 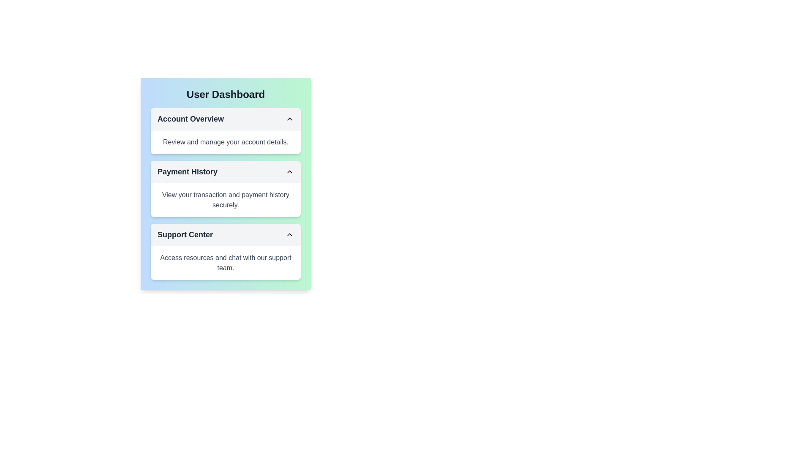 I want to click on the descriptive text element located below the 'Account Overview' section header, which explains its purpose or content, so click(x=226, y=141).